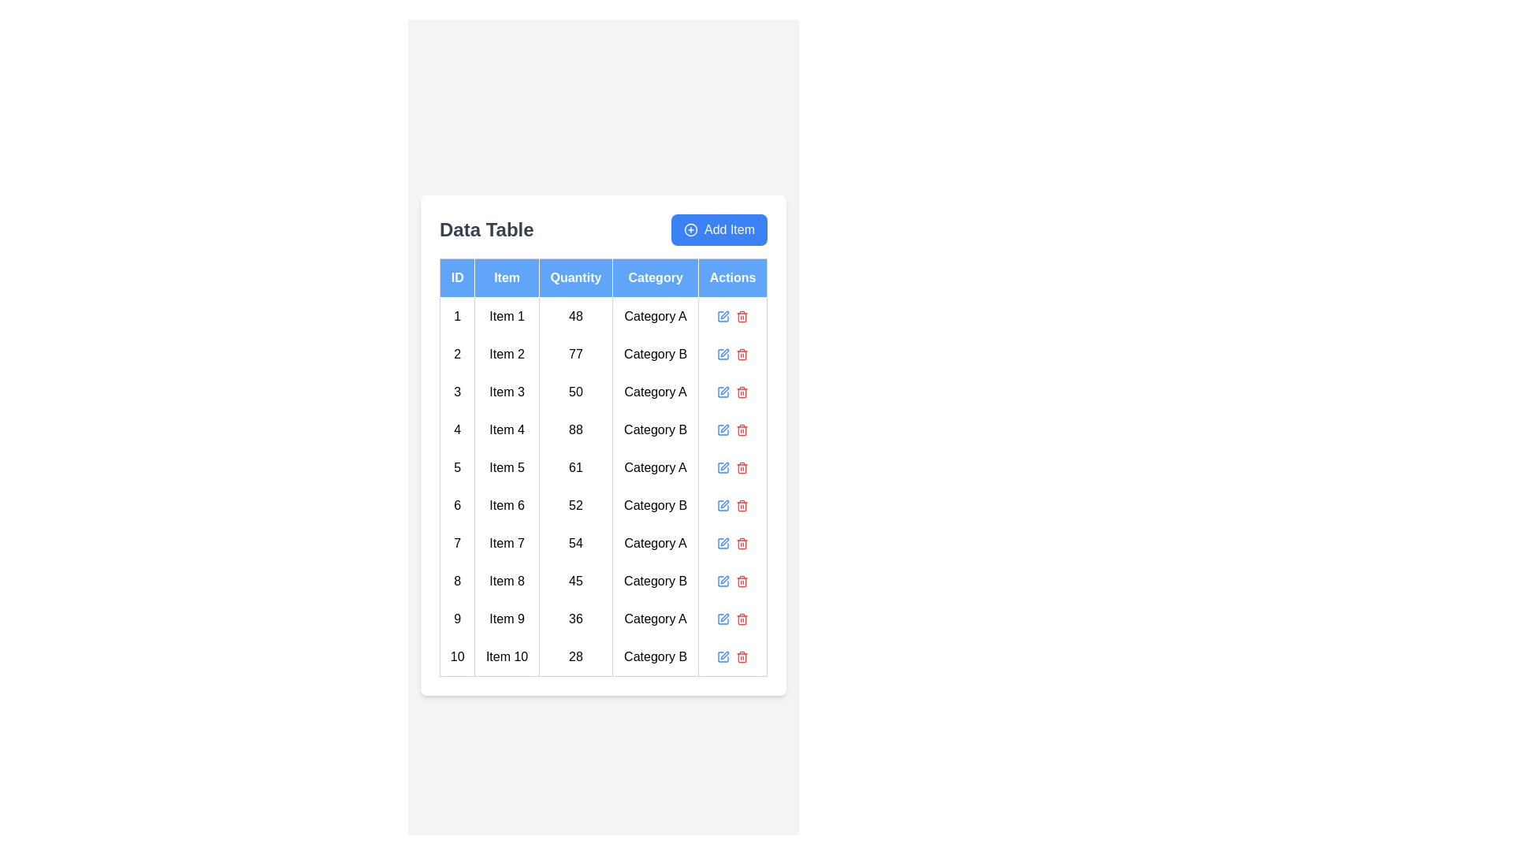 The image size is (1513, 851). What do you see at coordinates (574, 542) in the screenshot?
I see `the Text cell displaying the number '54' in bold black font, which is located in the third cell of the seventh row under the 'Quantity' column` at bounding box center [574, 542].